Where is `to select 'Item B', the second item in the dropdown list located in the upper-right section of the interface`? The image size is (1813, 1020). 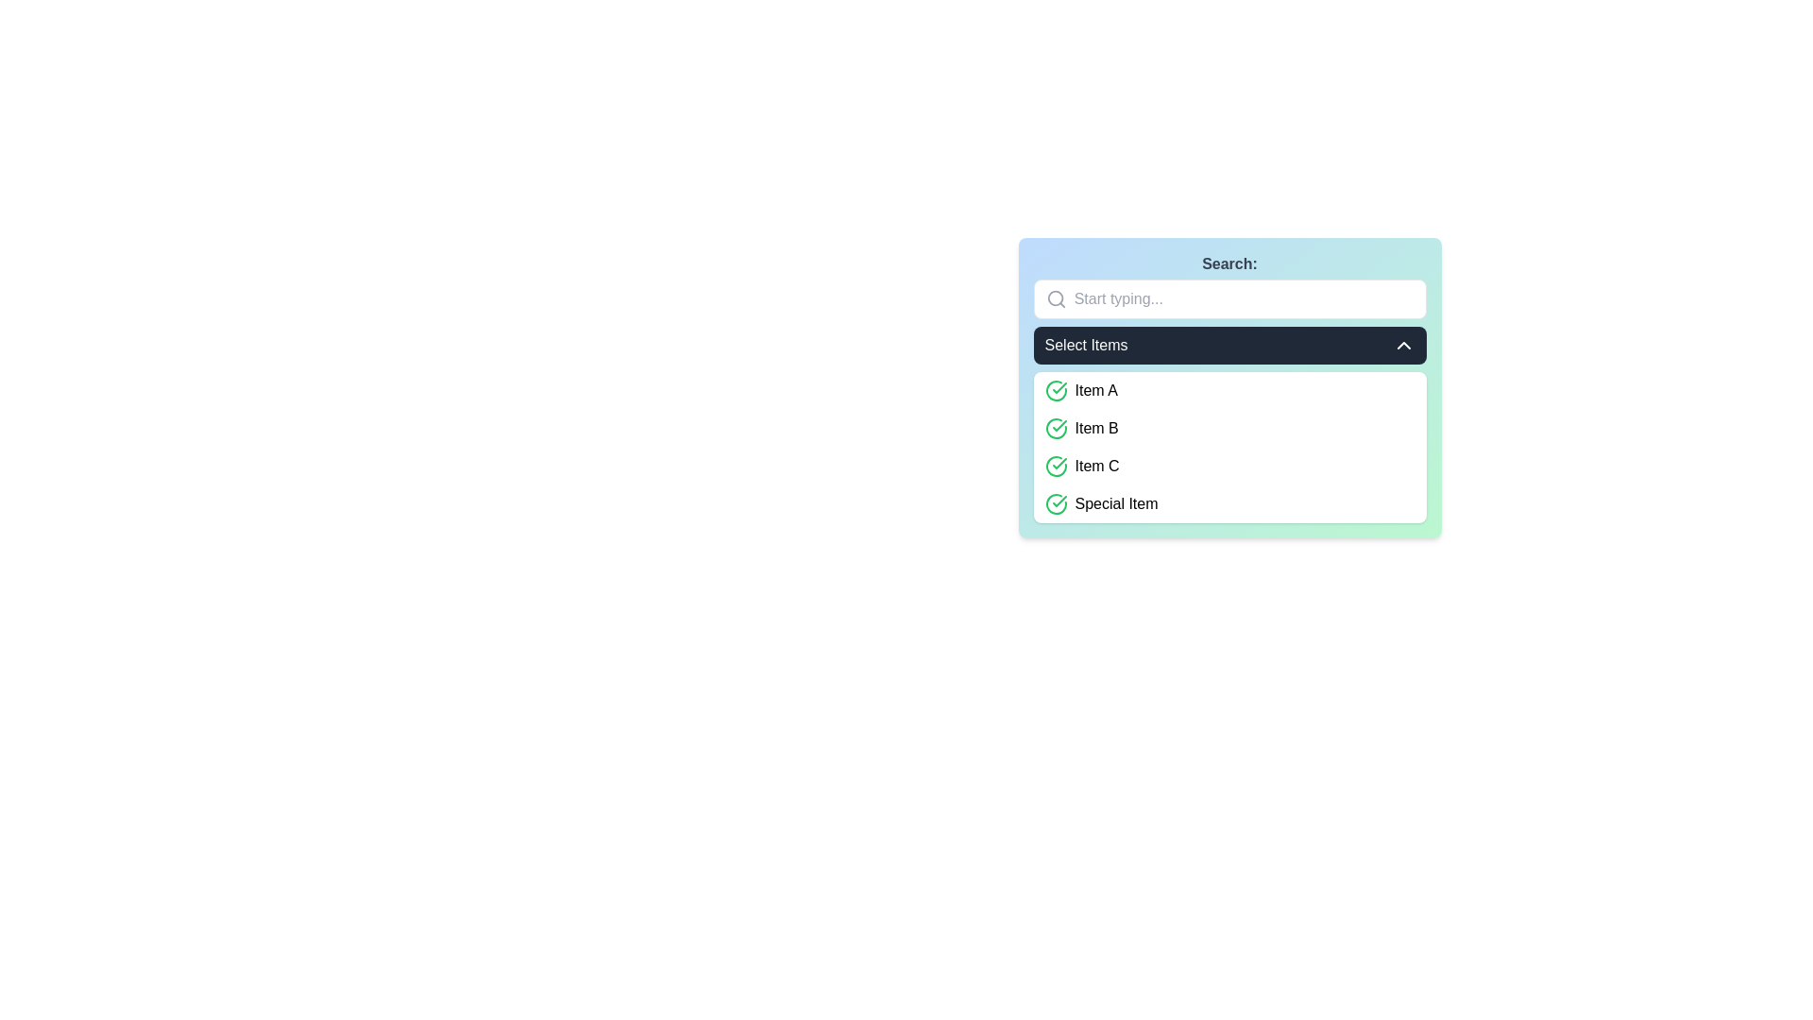 to select 'Item B', the second item in the dropdown list located in the upper-right section of the interface is located at coordinates (1229, 429).